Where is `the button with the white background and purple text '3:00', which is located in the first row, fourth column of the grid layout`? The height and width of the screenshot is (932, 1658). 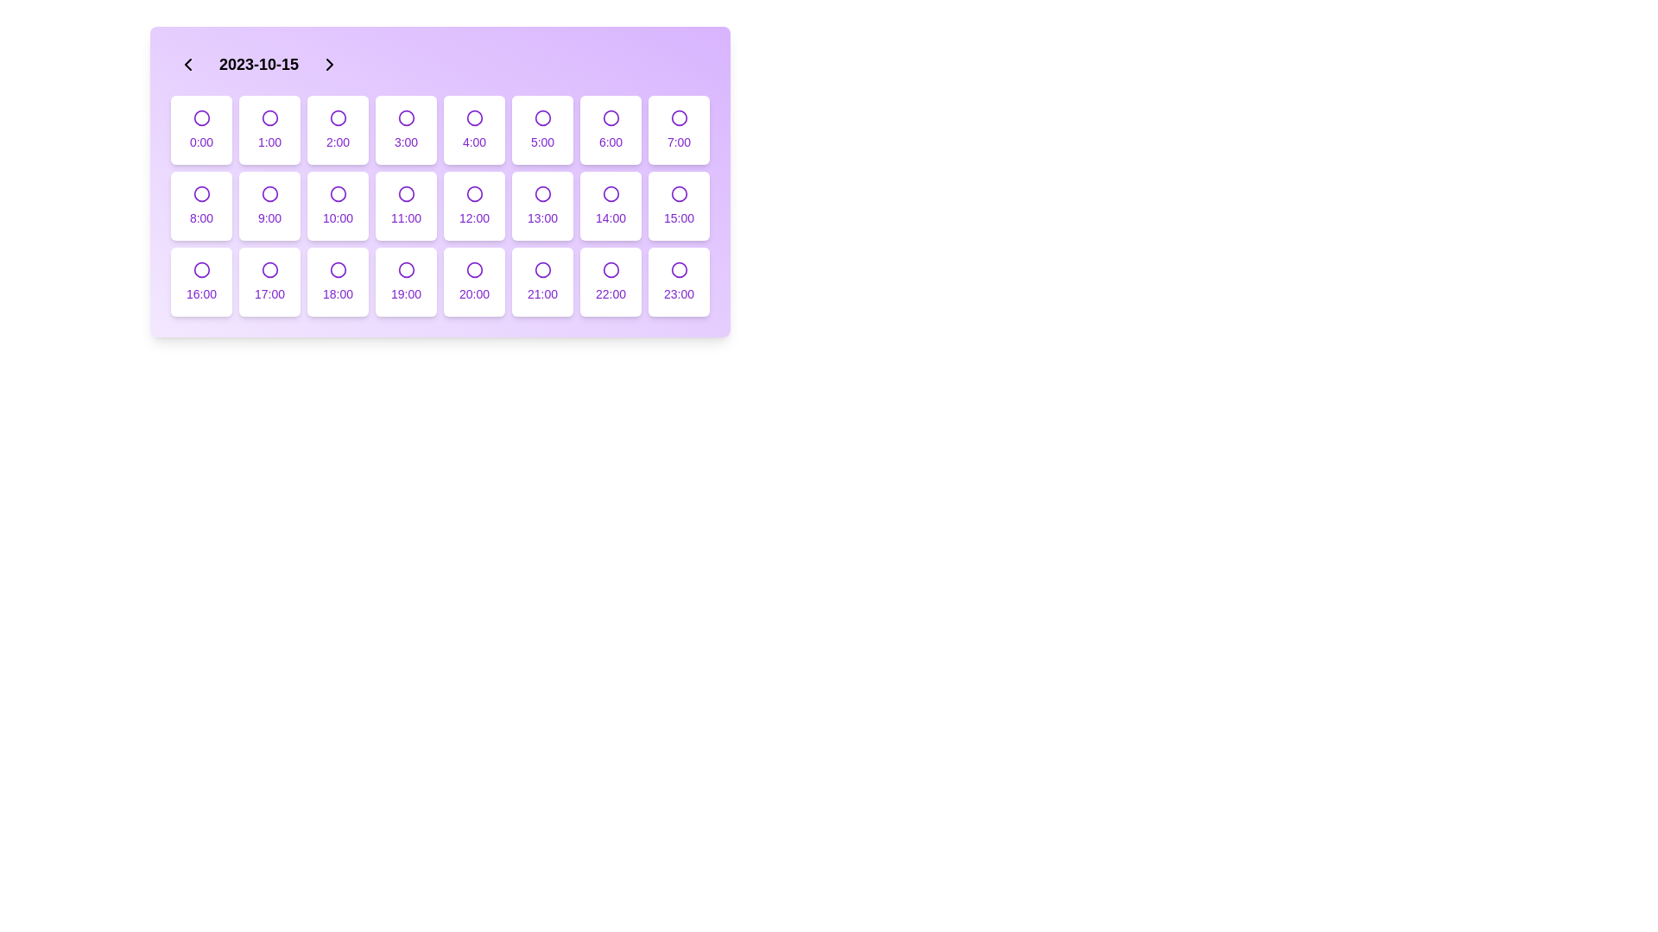
the button with the white background and purple text '3:00', which is located in the first row, fourth column of the grid layout is located at coordinates (405, 129).